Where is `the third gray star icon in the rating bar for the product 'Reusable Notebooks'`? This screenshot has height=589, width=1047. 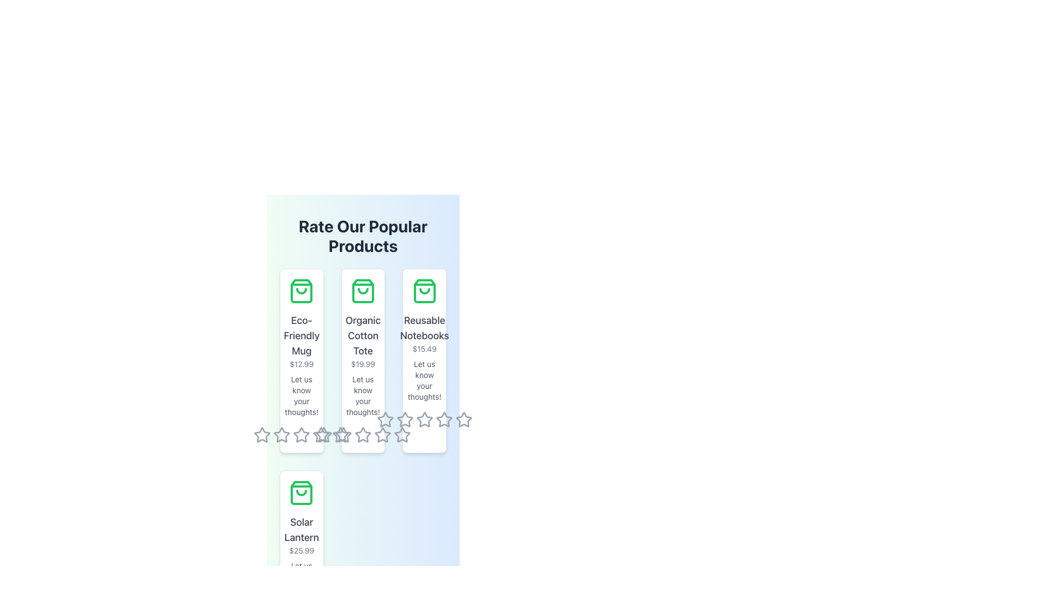
the third gray star icon in the rating bar for the product 'Reusable Notebooks' is located at coordinates (342, 435).